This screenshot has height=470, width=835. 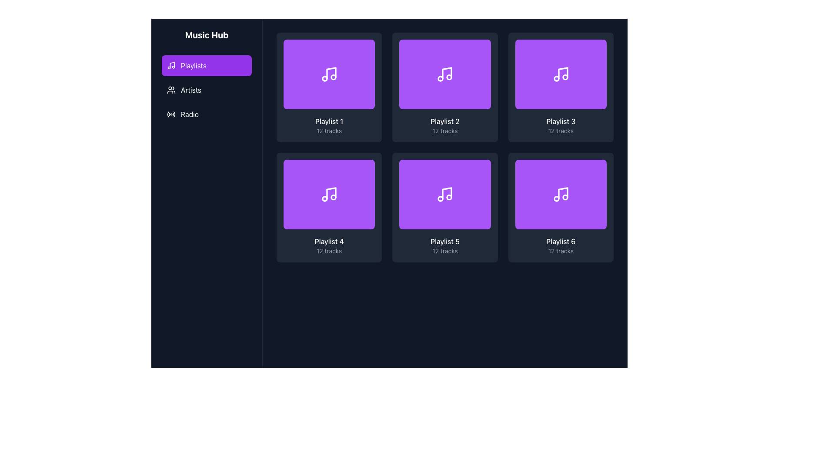 What do you see at coordinates (187, 441) in the screenshot?
I see `the displayed text in the Text Display Area, which shows the current track's title and artist's name at the bottom left of the interface` at bounding box center [187, 441].